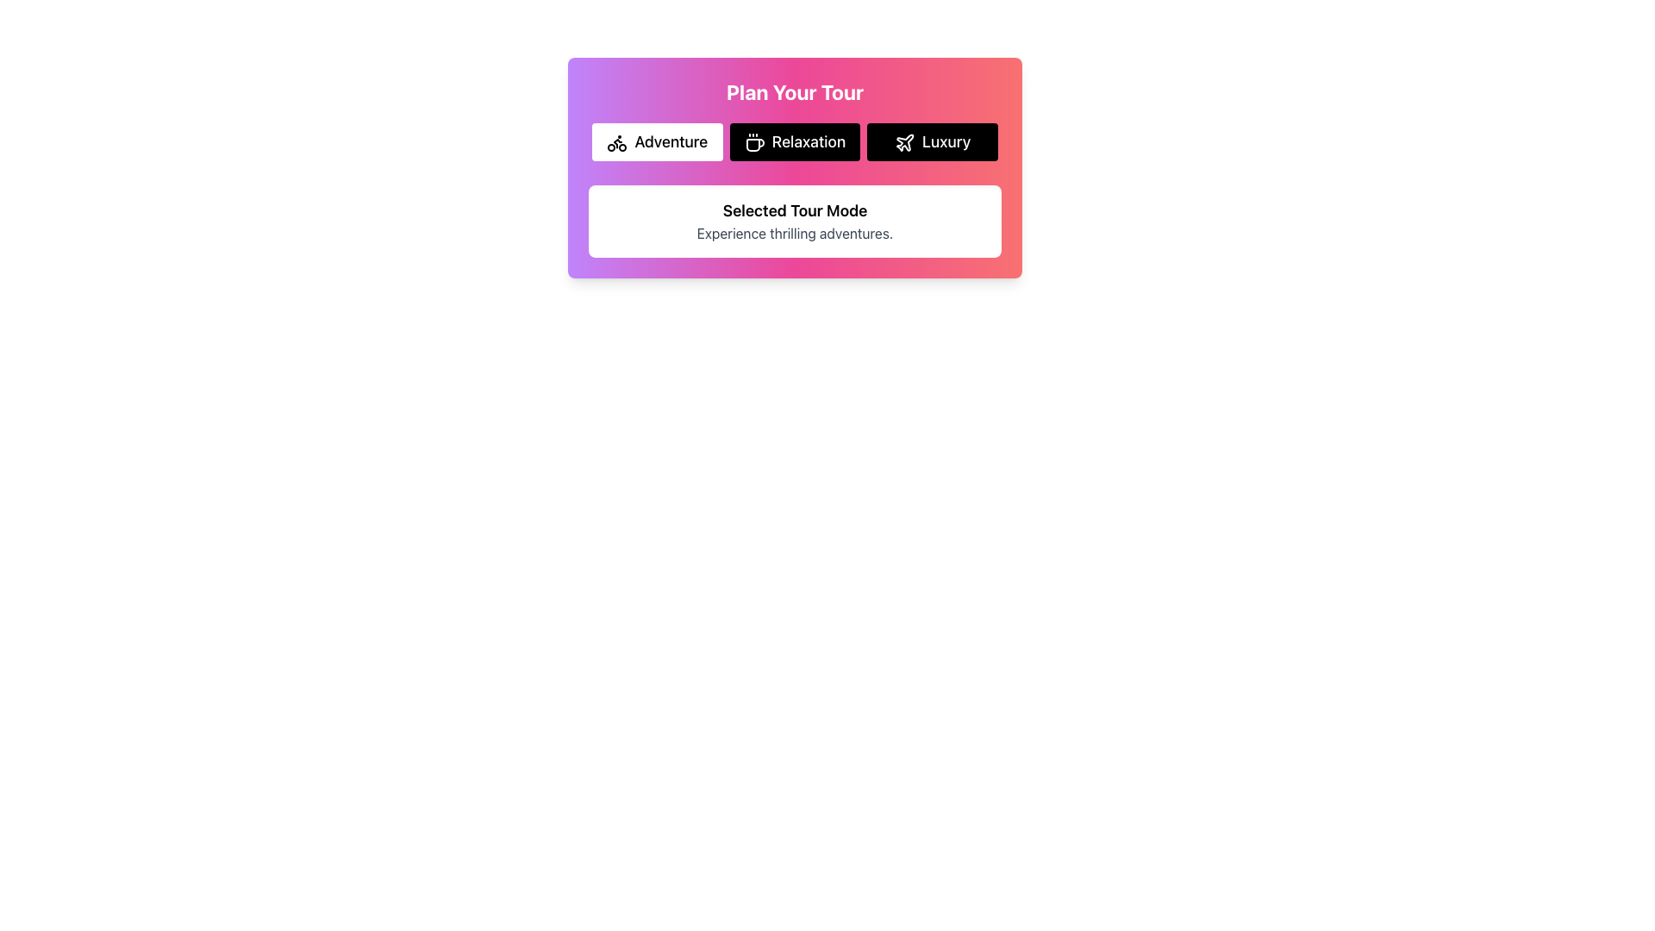  What do you see at coordinates (794, 168) in the screenshot?
I see `the buttons in the interactive card interface` at bounding box center [794, 168].